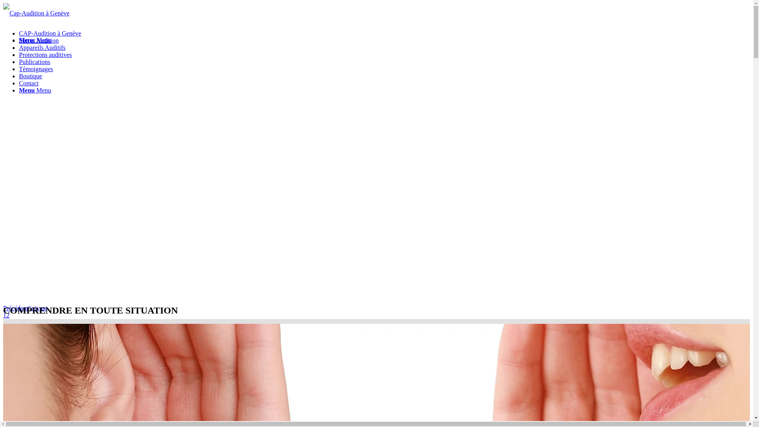 The height and width of the screenshot is (427, 759). Describe the element at coordinates (34, 90) in the screenshot. I see `'Menu Menu'` at that location.